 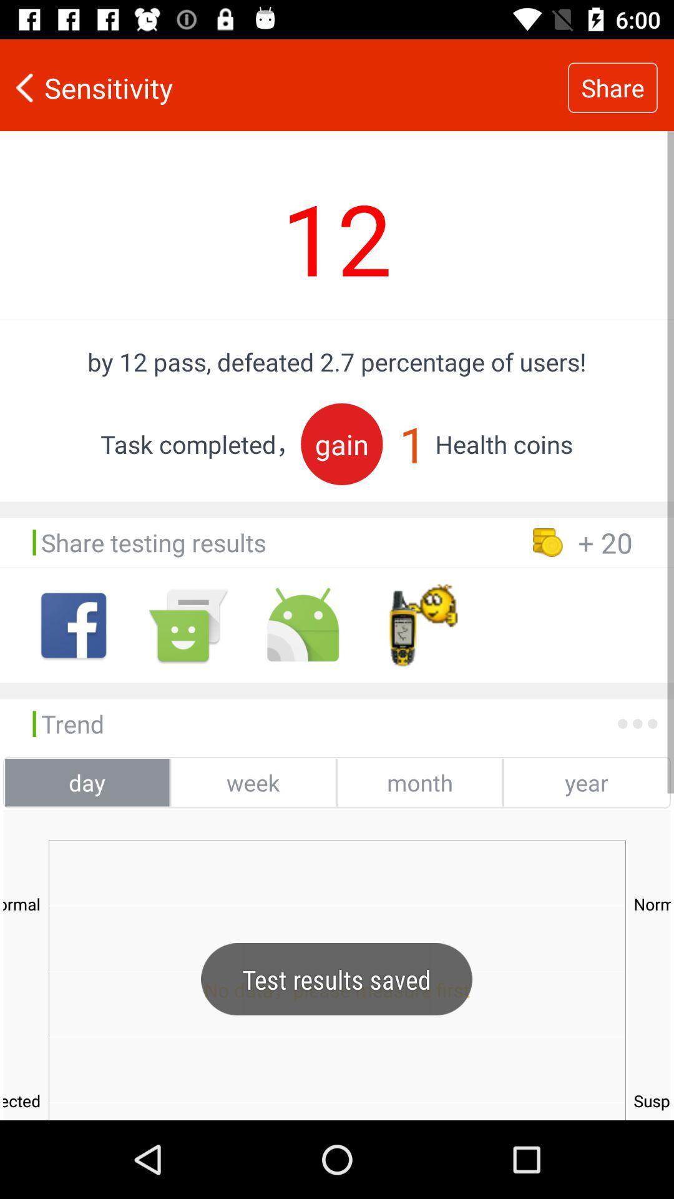 I want to click on the icon right side of message icon, so click(x=303, y=625).